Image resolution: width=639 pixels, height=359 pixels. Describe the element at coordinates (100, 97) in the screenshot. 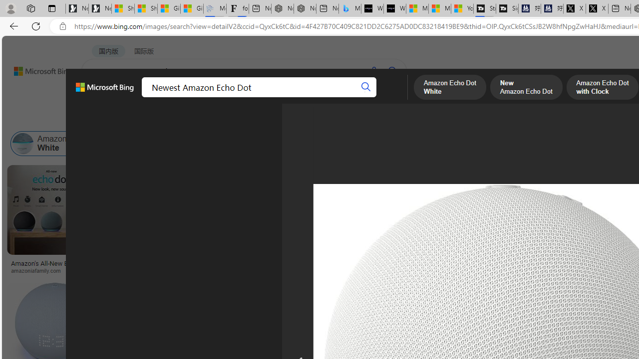

I see `'WEB'` at that location.